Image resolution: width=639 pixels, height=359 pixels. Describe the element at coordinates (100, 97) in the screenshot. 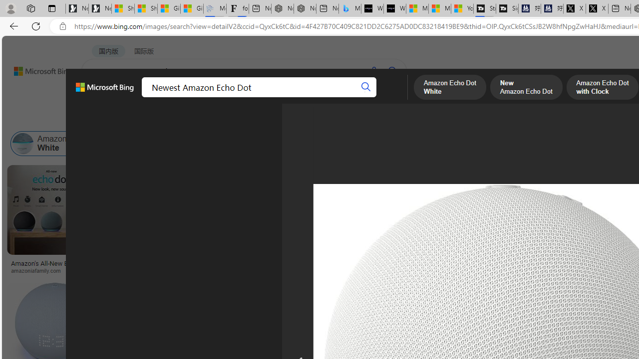

I see `'WEB'` at that location.